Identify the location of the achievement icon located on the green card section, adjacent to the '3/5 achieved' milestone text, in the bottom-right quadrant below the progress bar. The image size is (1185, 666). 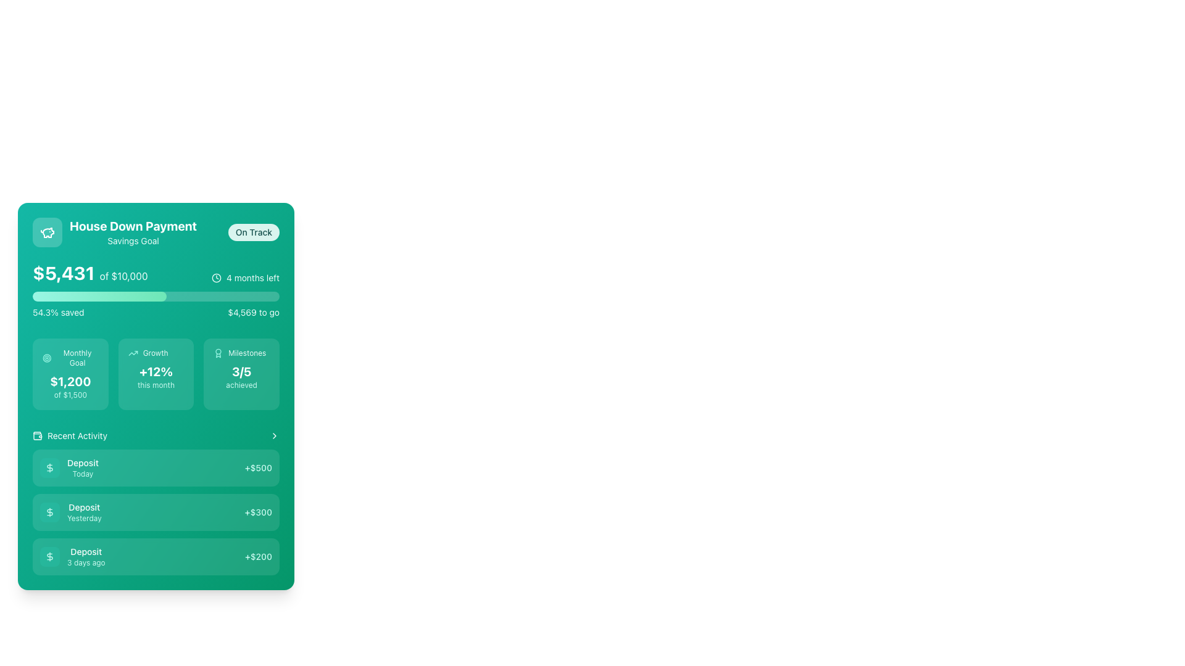
(218, 353).